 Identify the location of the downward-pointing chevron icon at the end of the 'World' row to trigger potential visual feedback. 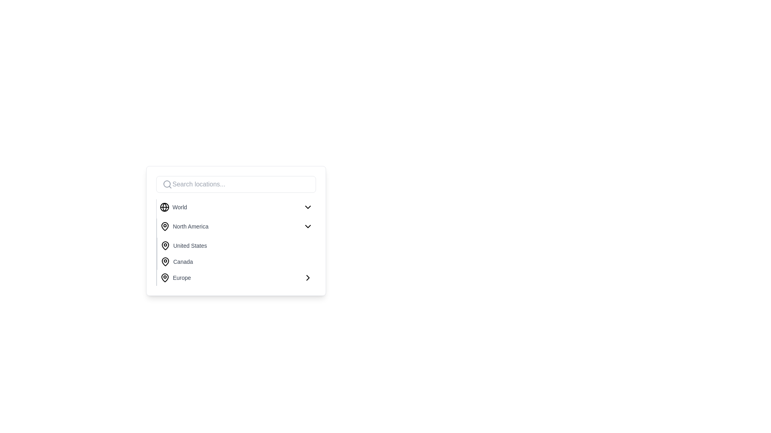
(307, 206).